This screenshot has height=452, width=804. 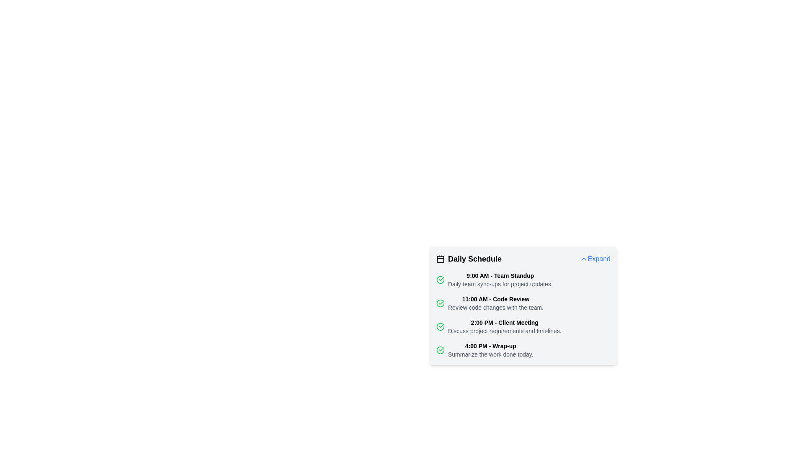 I want to click on the third list item representing the schedule entry '2:00 PM - Client Meeting', which includes a green check icon indicating completion, so click(x=523, y=326).